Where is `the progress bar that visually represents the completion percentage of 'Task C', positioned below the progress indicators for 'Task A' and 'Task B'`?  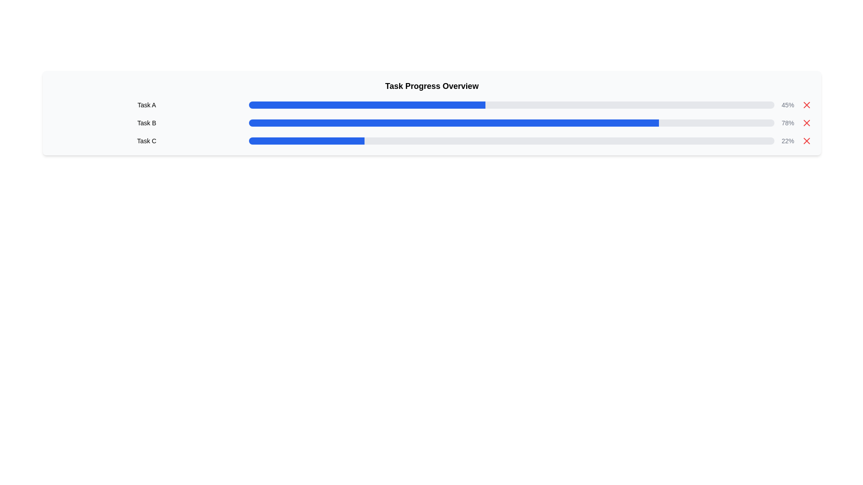 the progress bar that visually represents the completion percentage of 'Task C', positioned below the progress indicators for 'Task A' and 'Task B' is located at coordinates (512, 141).